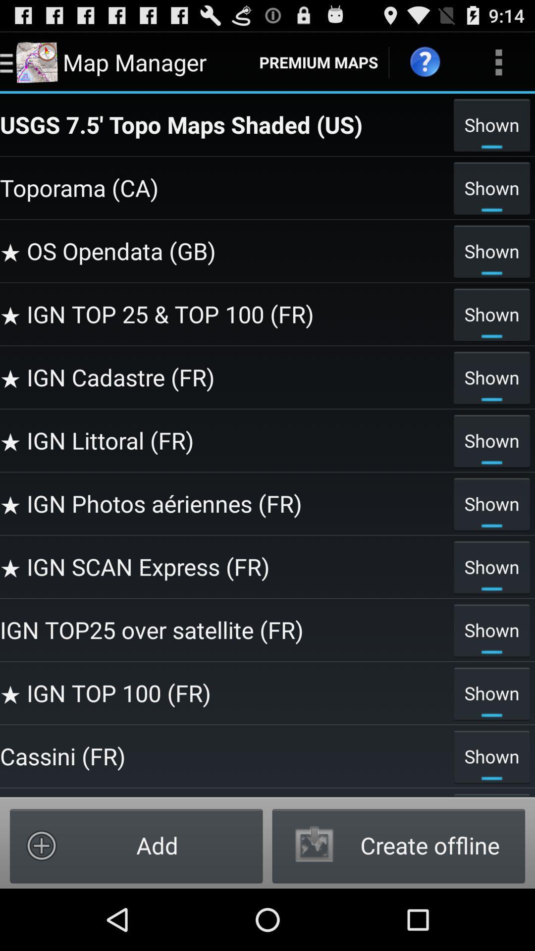  I want to click on icon next to the add item, so click(398, 845).